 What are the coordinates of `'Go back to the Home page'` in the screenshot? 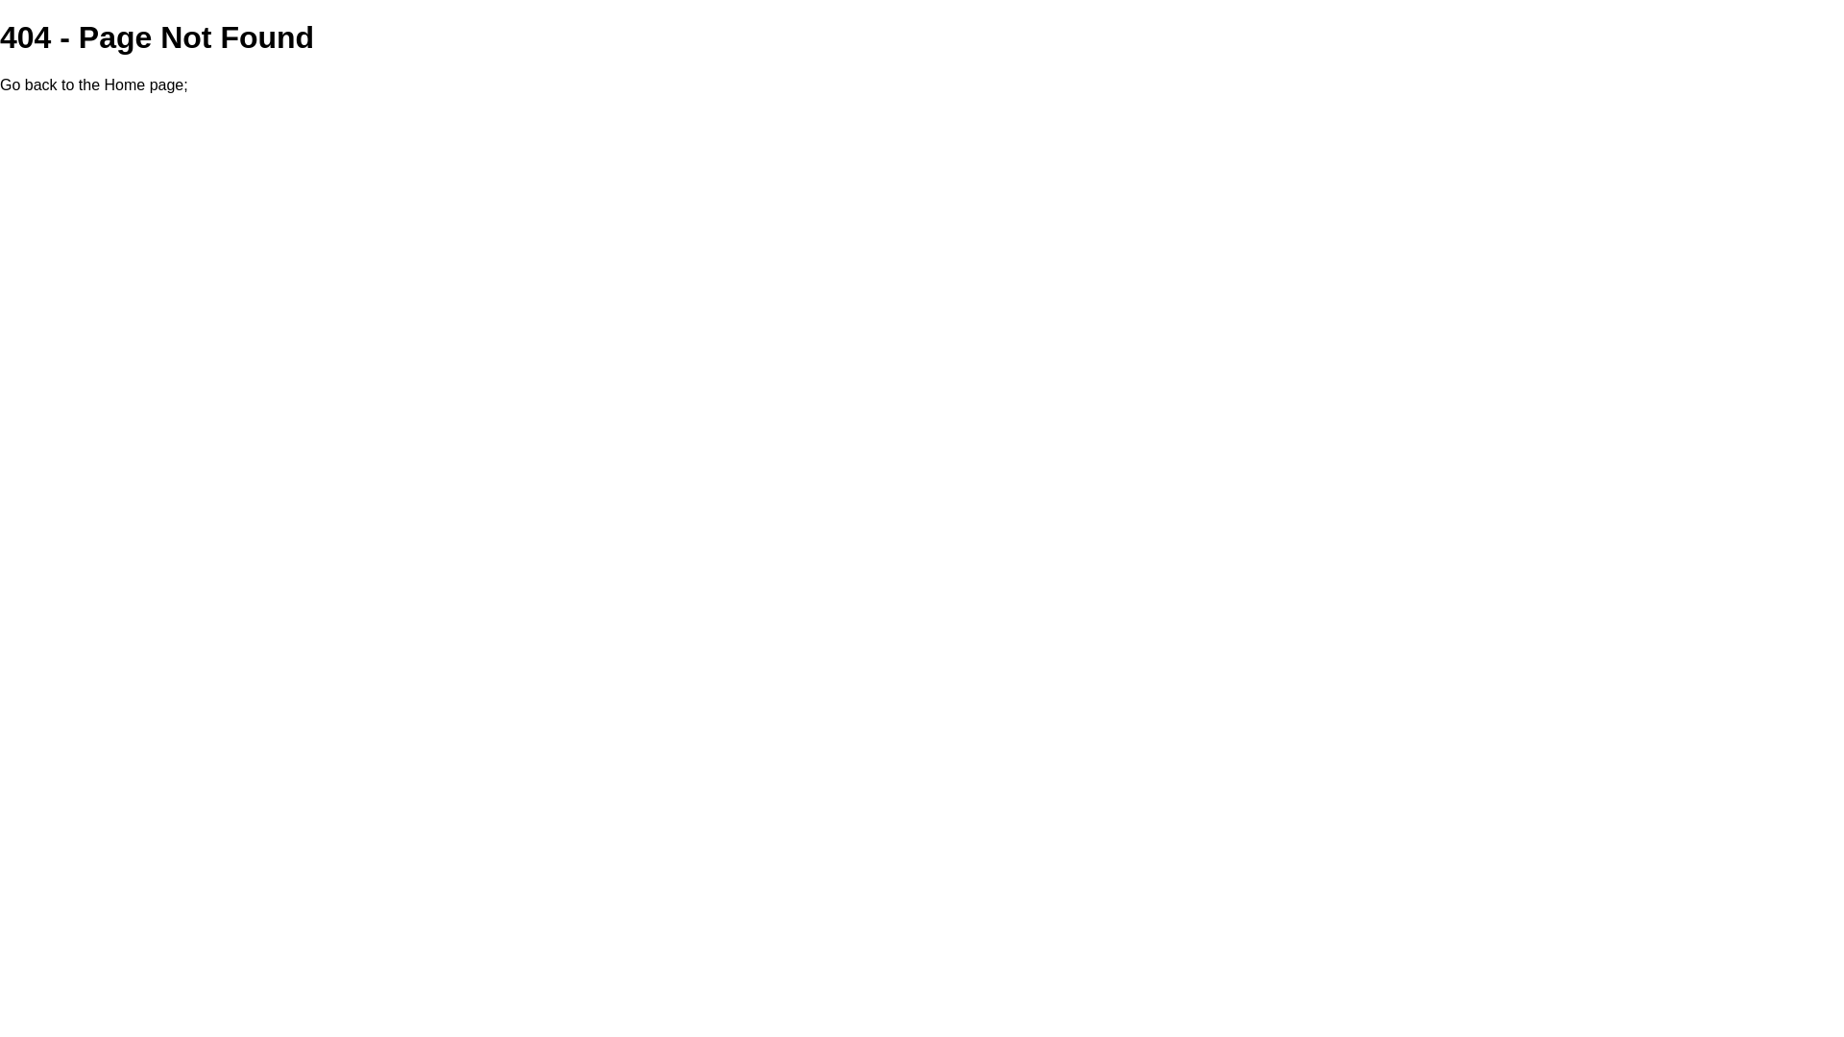 It's located at (0, 84).